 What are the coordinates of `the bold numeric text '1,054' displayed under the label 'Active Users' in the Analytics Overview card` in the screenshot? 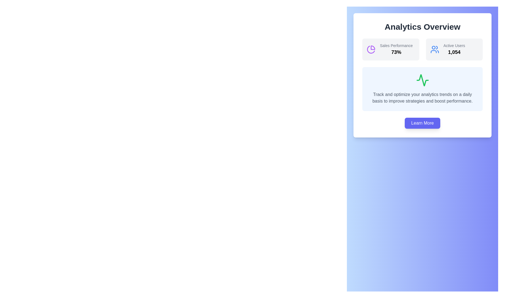 It's located at (454, 52).